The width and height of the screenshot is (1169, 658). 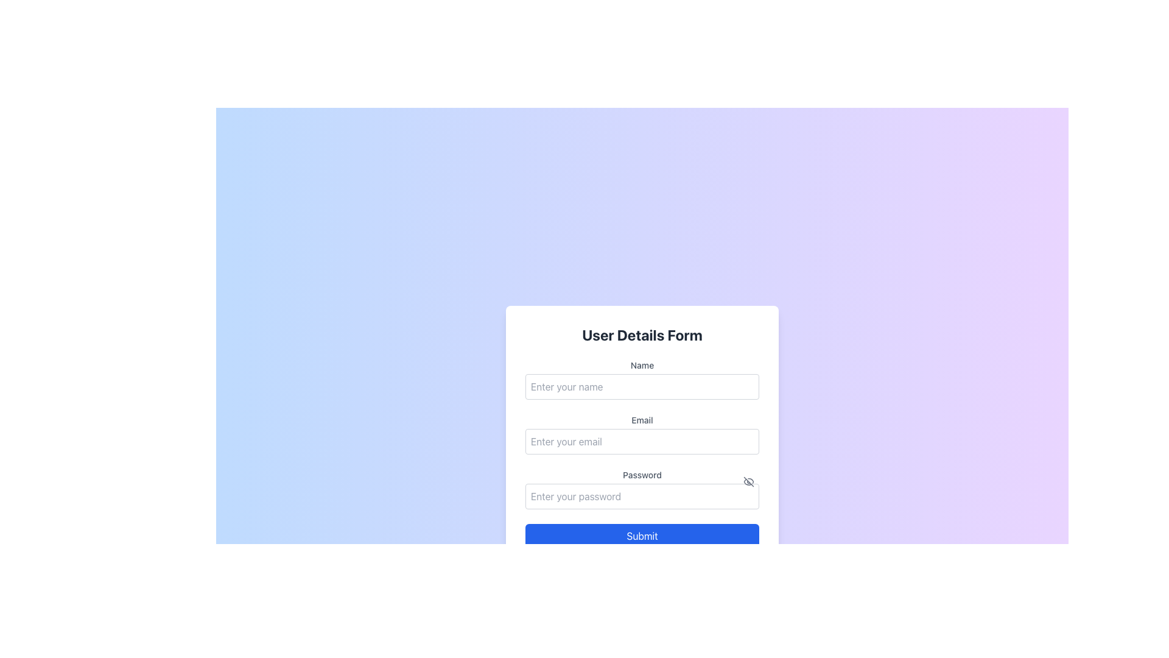 I want to click on the form submission button located at the bottom of the 'User Details Form', so click(x=642, y=535).